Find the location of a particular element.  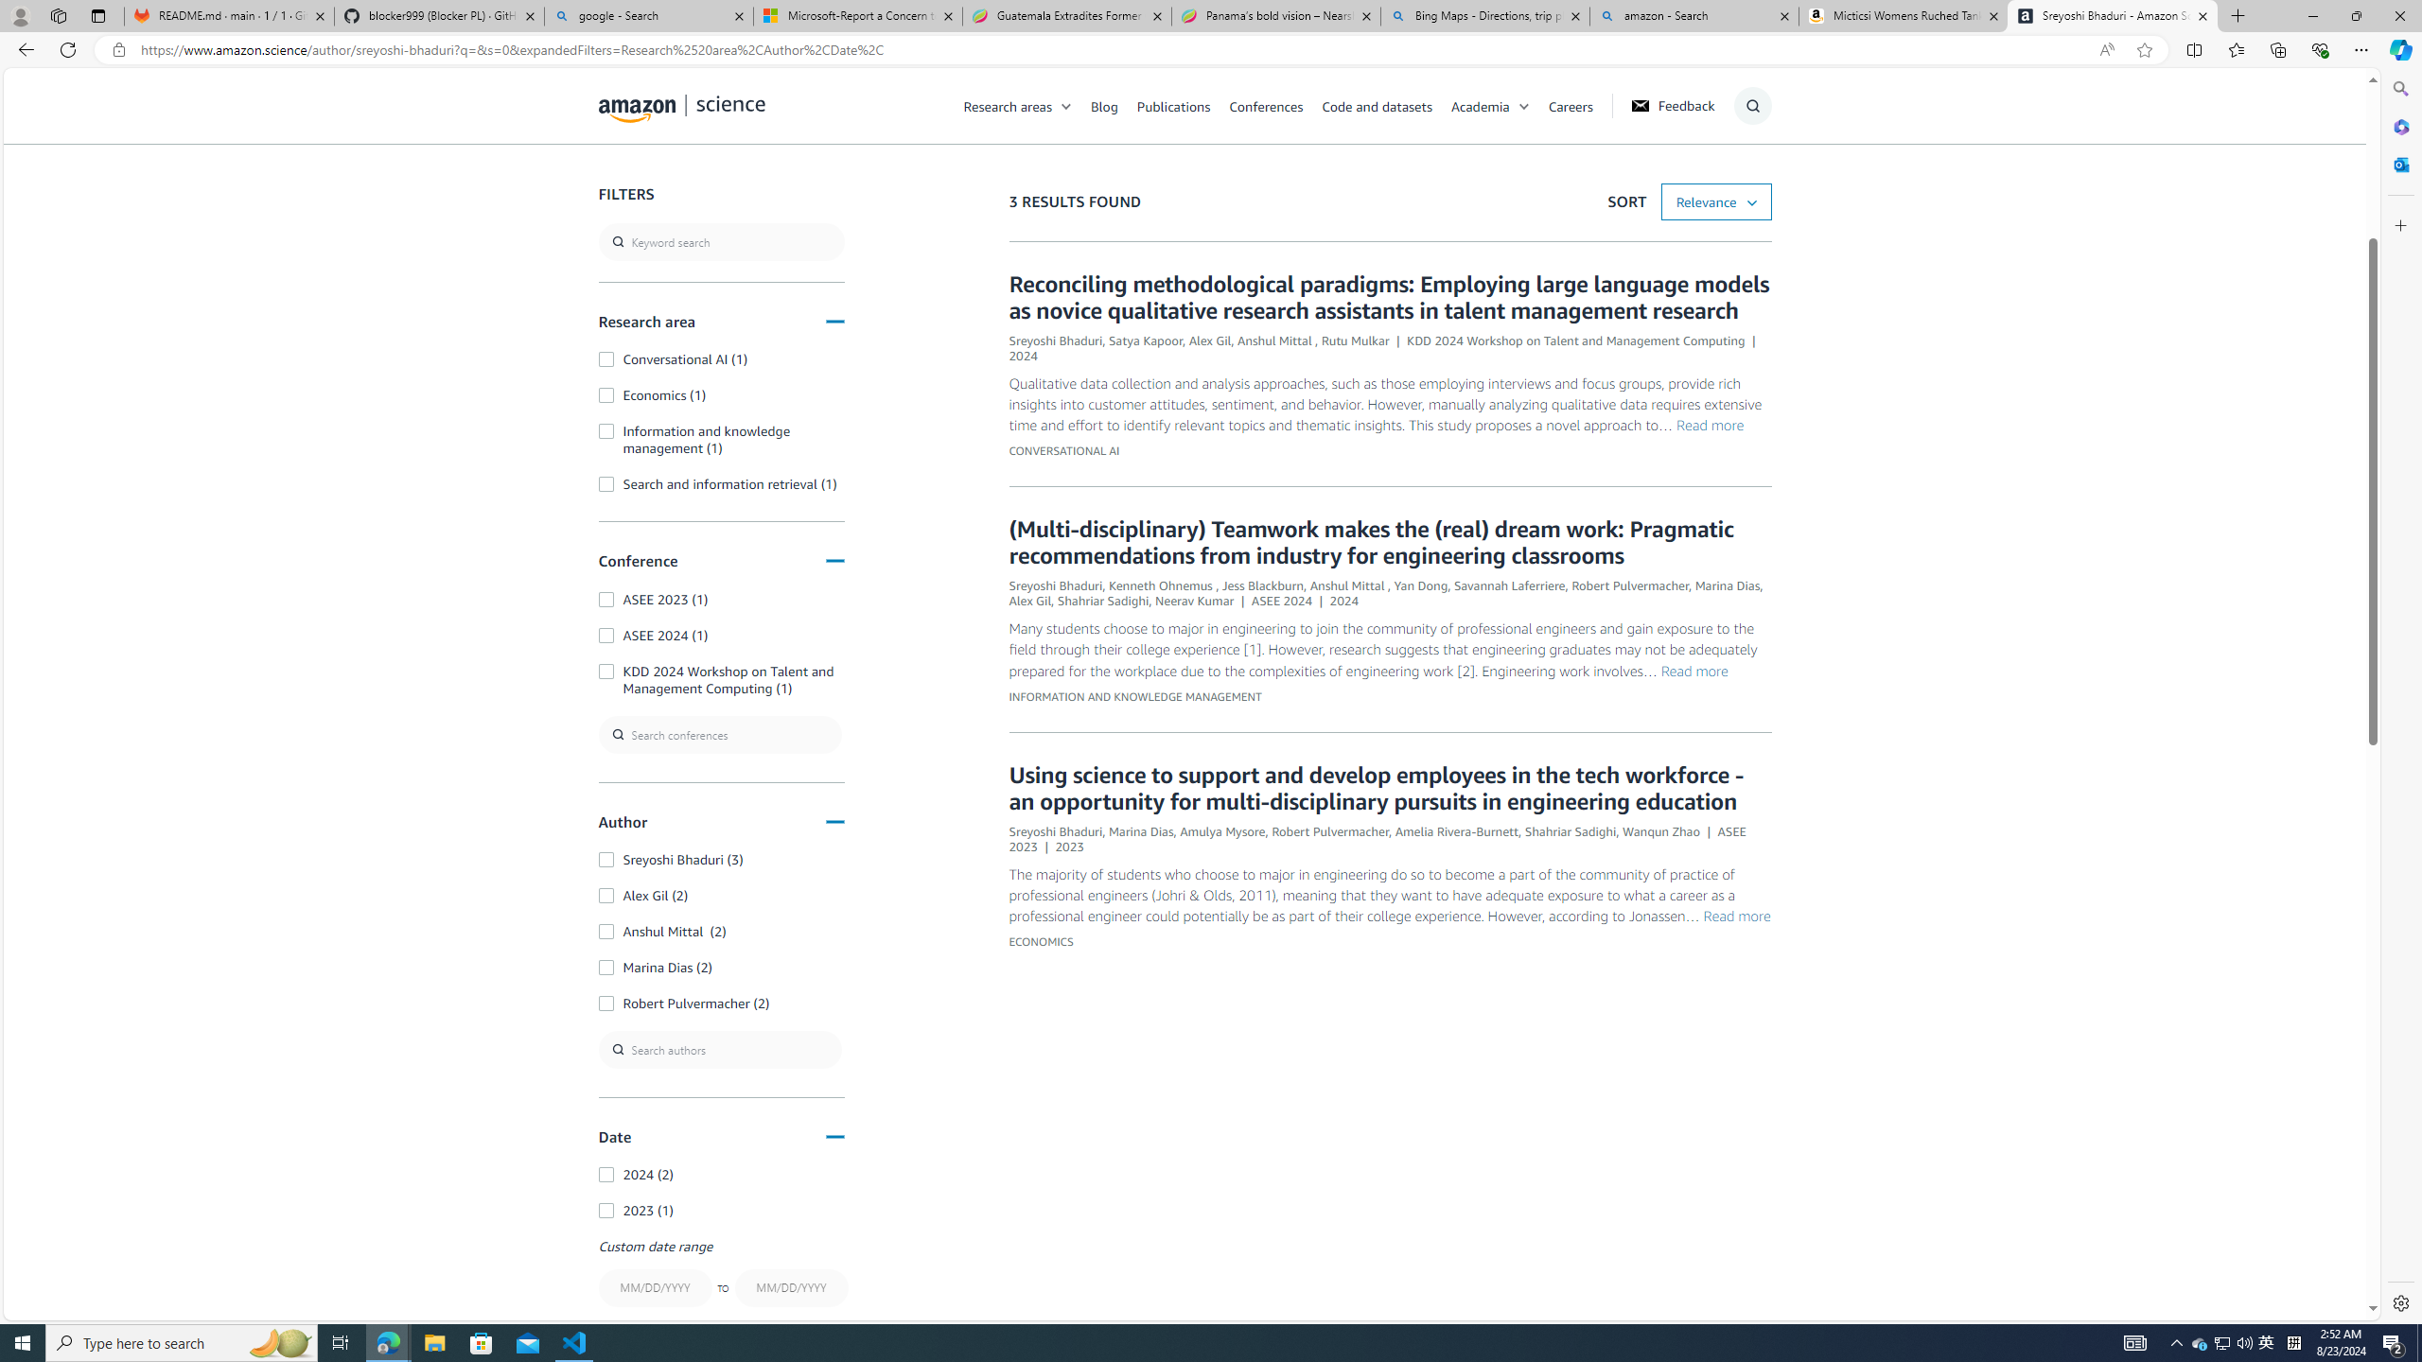

'Academia' is located at coordinates (1498, 105).